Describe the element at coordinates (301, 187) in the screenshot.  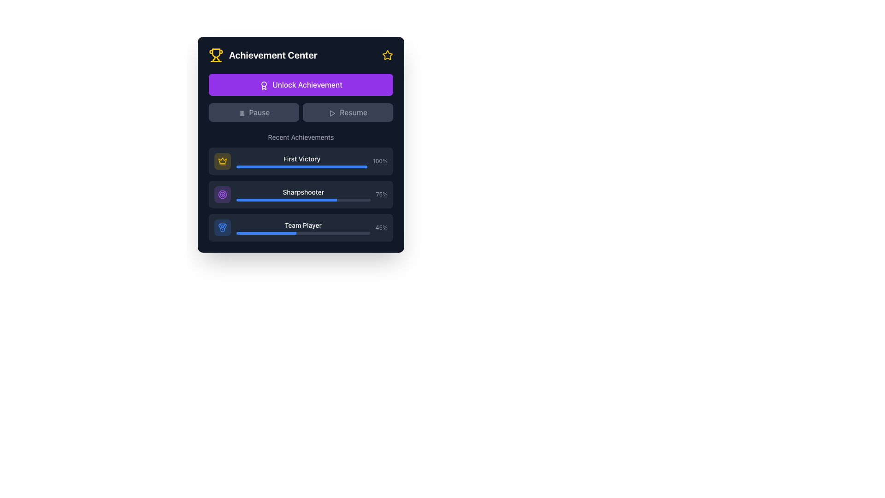
I see `the 'Recent Achievements' panel` at that location.